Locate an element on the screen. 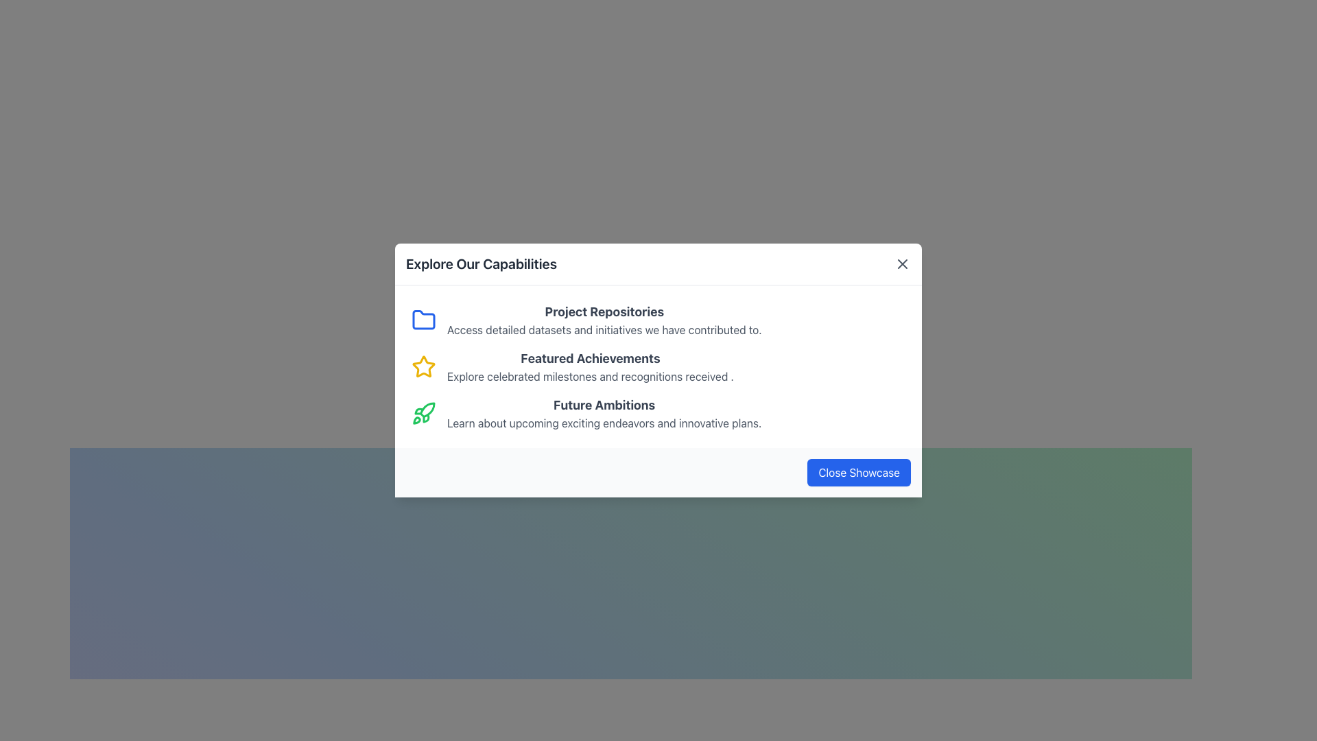  text content of the 'Featured Achievements' text block, which includes the heading and description text located under the section header 'Explore Our Capabilities' is located at coordinates (590, 366).